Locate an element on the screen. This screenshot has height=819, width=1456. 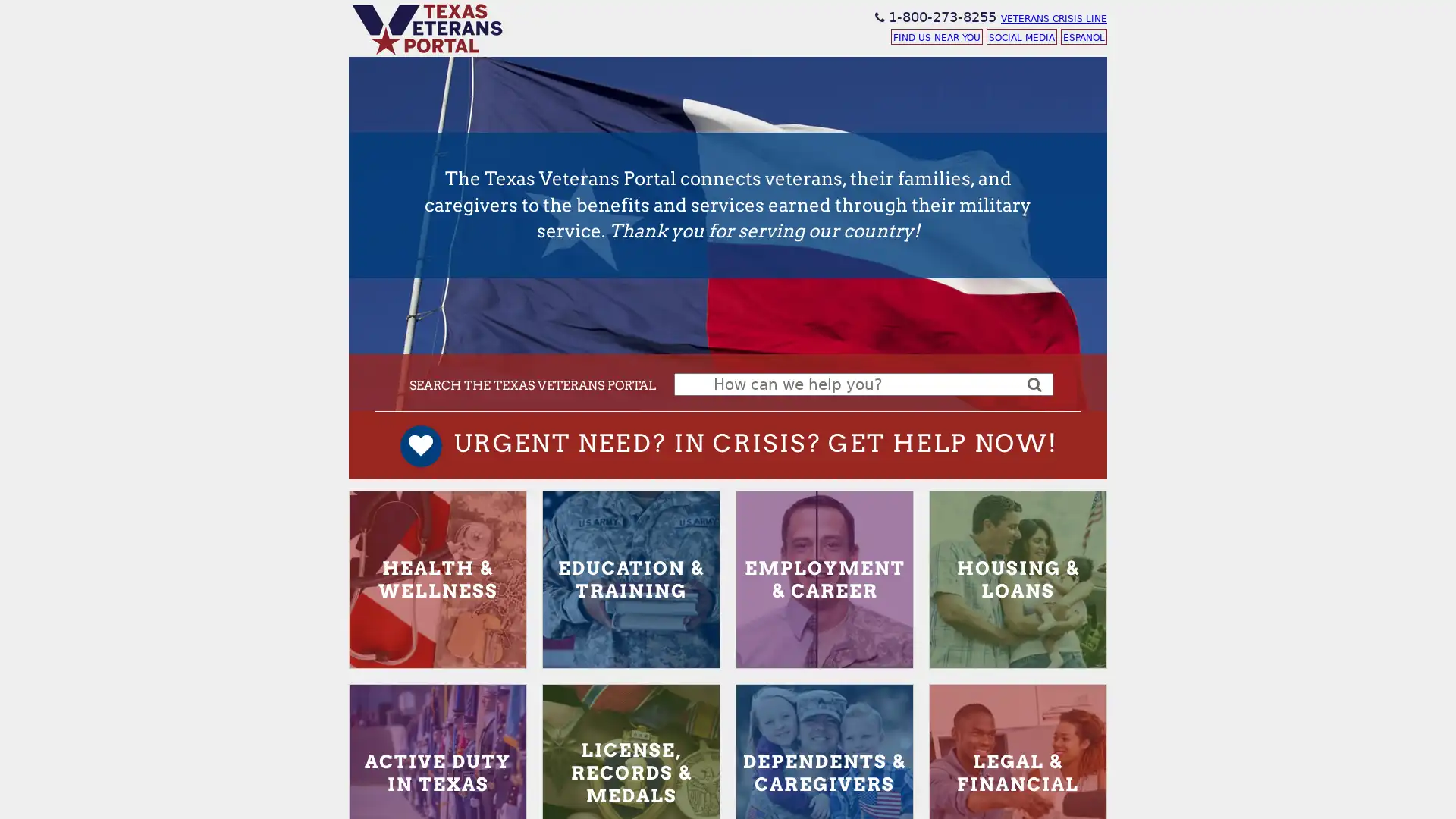
Search is located at coordinates (1034, 382).